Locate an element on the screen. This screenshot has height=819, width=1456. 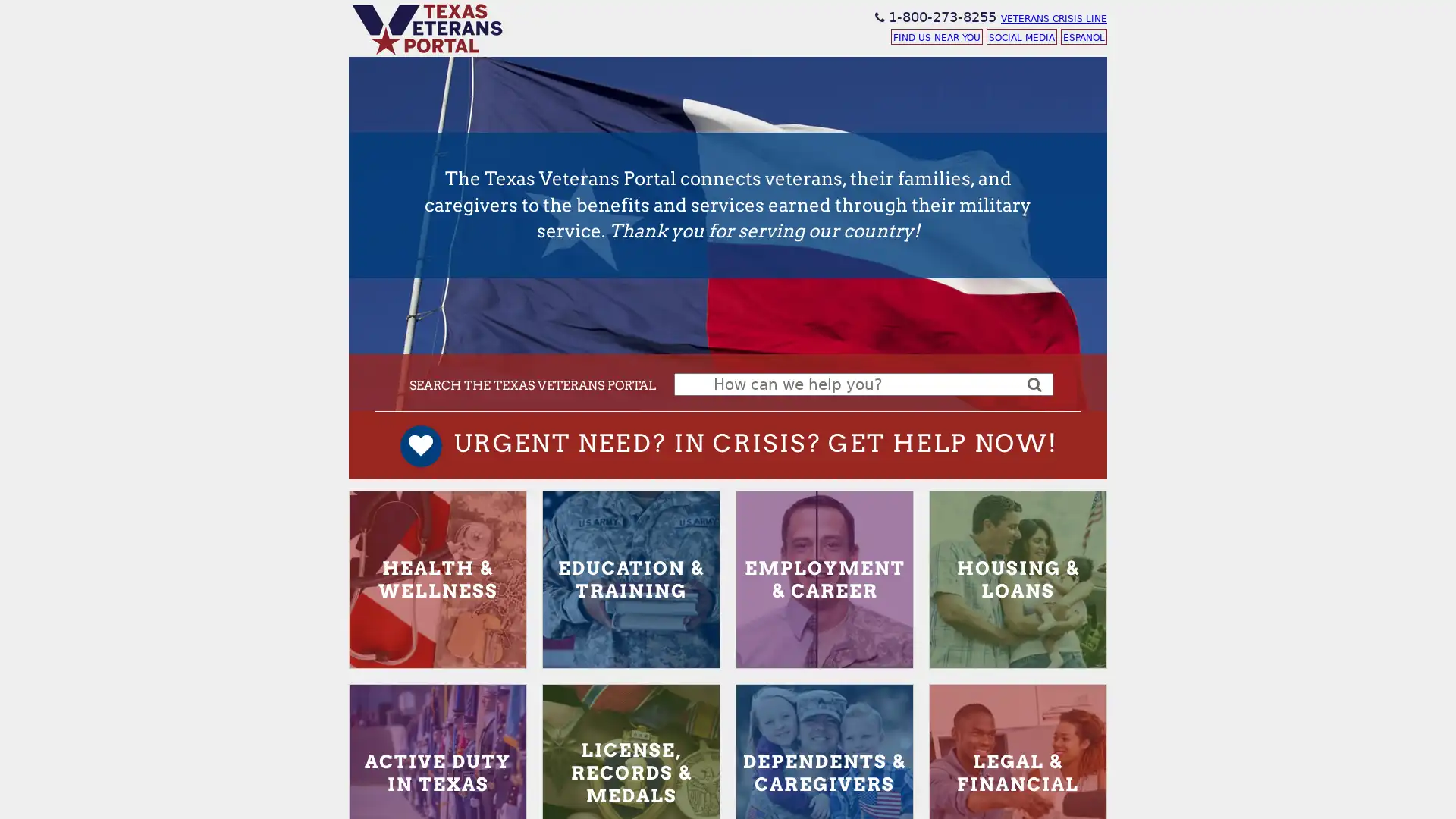
Search is located at coordinates (1034, 382).